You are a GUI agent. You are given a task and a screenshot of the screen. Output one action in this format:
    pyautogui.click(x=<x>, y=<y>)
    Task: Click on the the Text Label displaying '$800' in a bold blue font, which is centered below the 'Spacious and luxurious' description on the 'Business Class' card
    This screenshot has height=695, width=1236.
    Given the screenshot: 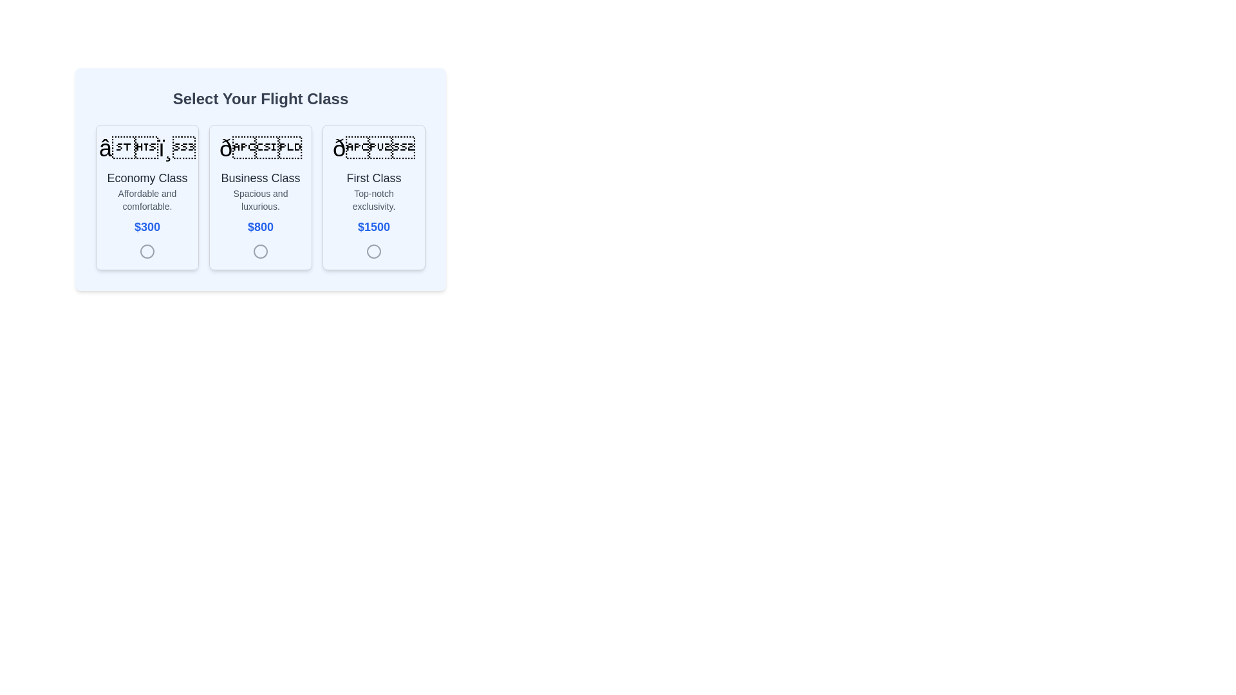 What is the action you would take?
    pyautogui.click(x=259, y=227)
    